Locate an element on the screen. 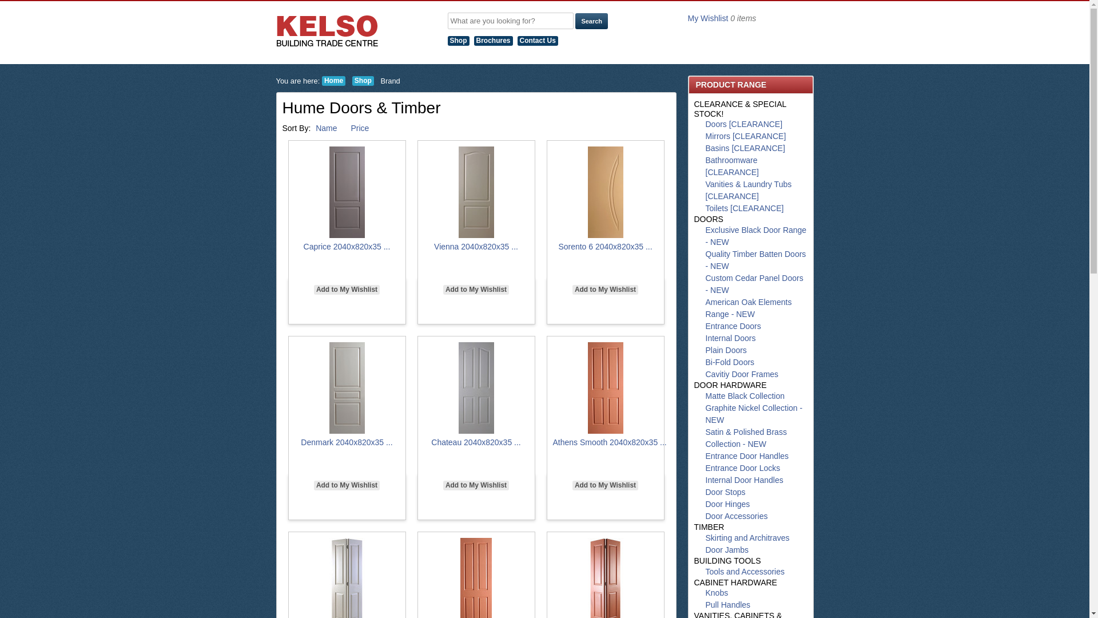 The image size is (1098, 618). 'Bathroomware [CLEARANCE]' is located at coordinates (705, 166).